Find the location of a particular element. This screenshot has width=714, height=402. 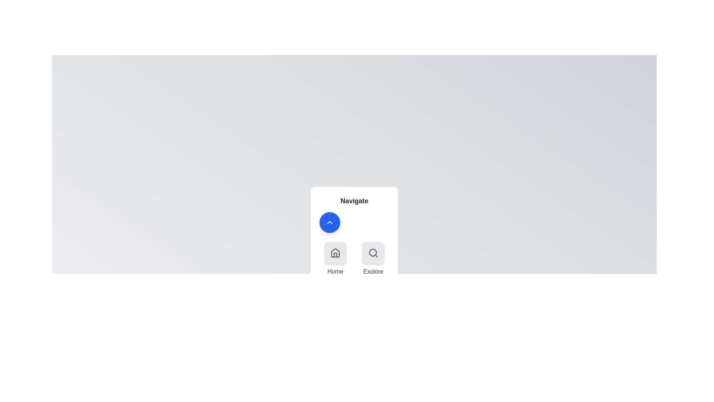

blue circular button to toggle the speed dial menu is located at coordinates (329, 222).